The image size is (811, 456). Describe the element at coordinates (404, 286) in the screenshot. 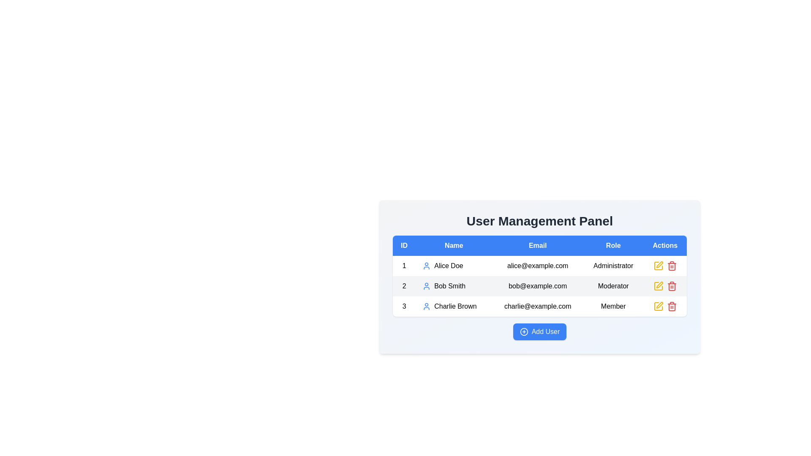

I see `the text label representing the ID of the second record in the table, which is located in the second row under the 'ID' column, adjacent to 'Bob Smith'` at that location.